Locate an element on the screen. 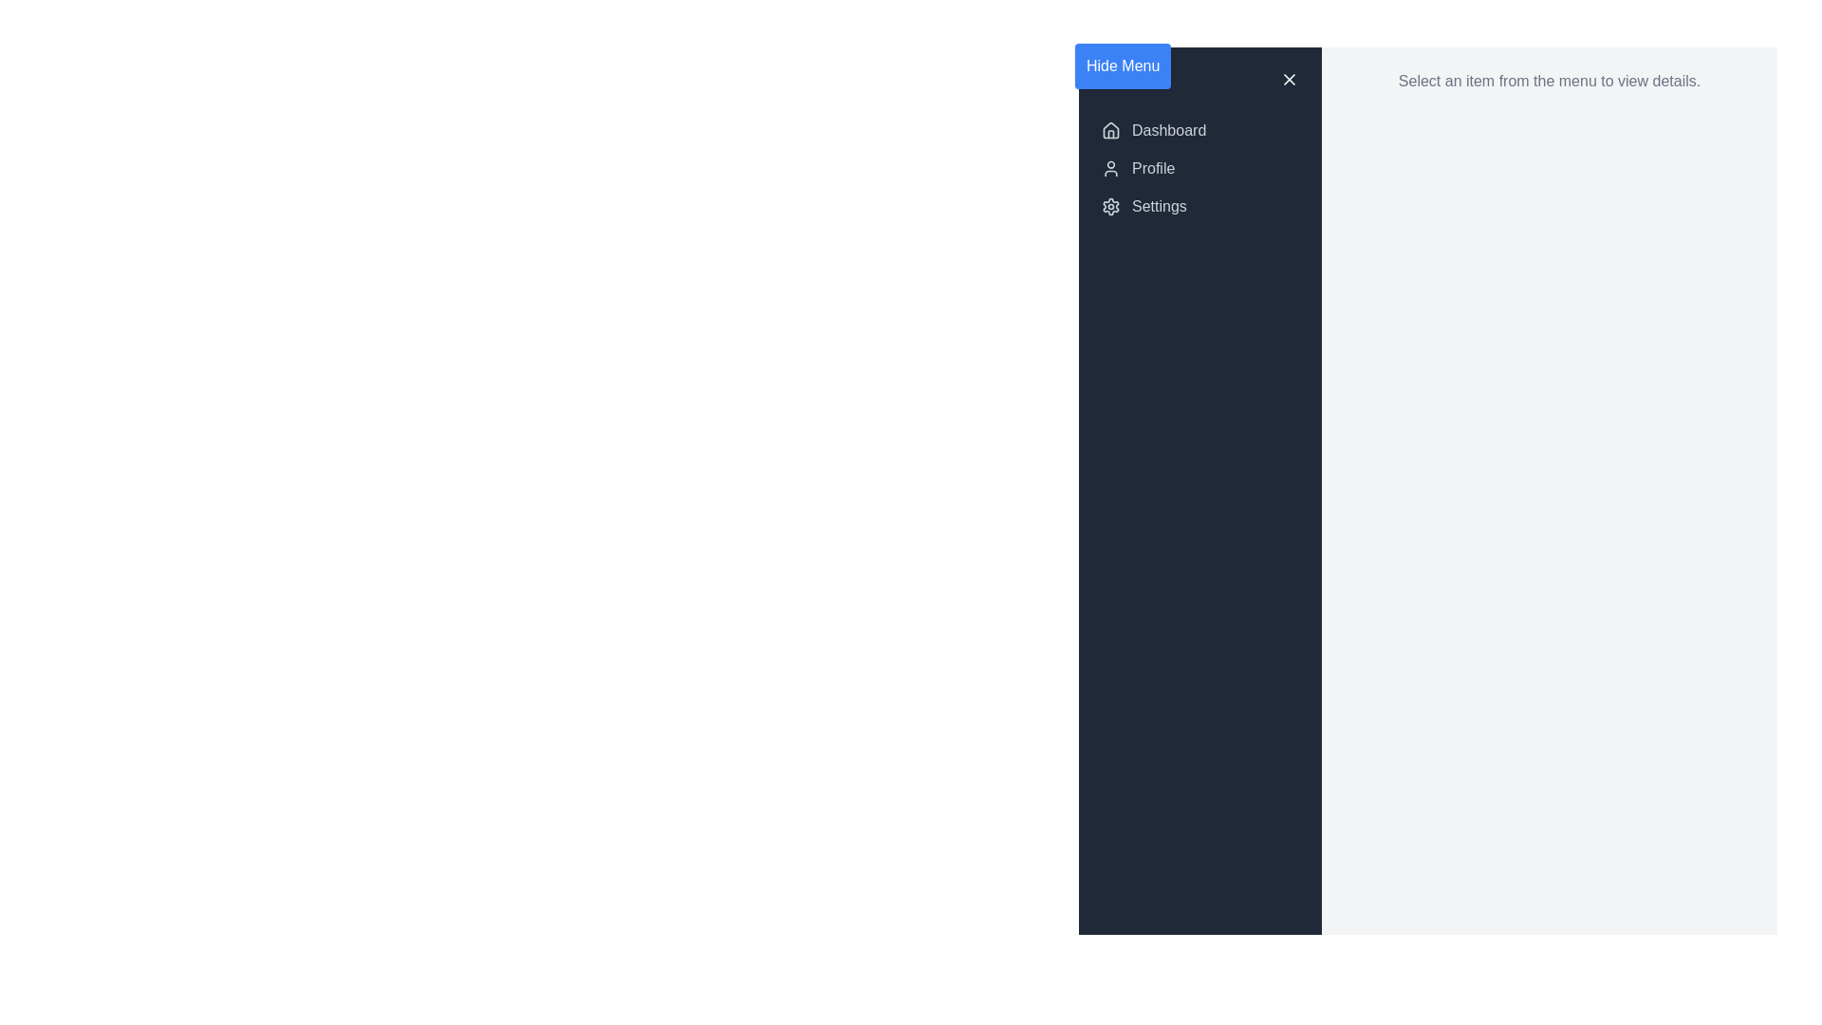 This screenshot has width=1822, height=1025. the rounded button with an 'X' icon in the top right corner of the dark sidebar menu panel is located at coordinates (1289, 79).